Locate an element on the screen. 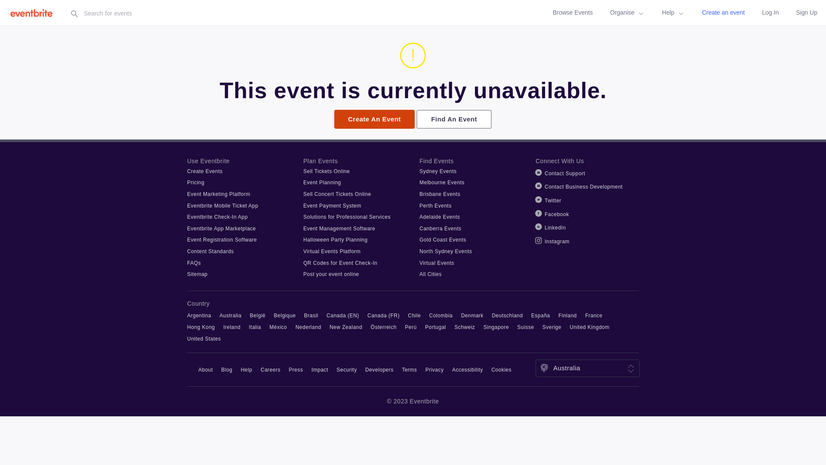  'Perth Events' is located at coordinates (419, 206).